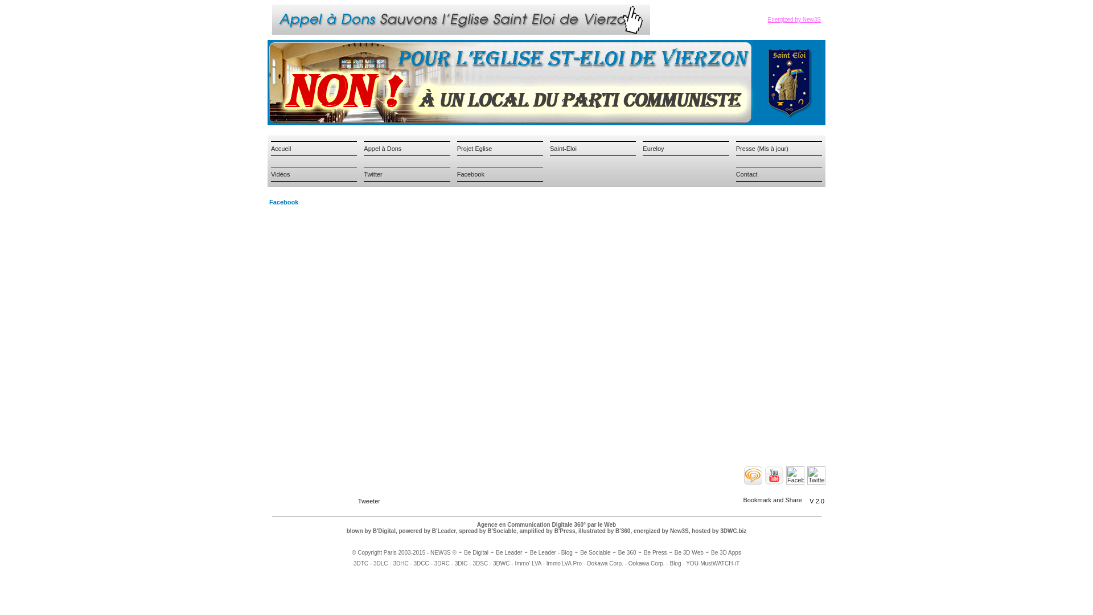 The height and width of the screenshot is (615, 1093). What do you see at coordinates (746, 174) in the screenshot?
I see `'Contact'` at bounding box center [746, 174].